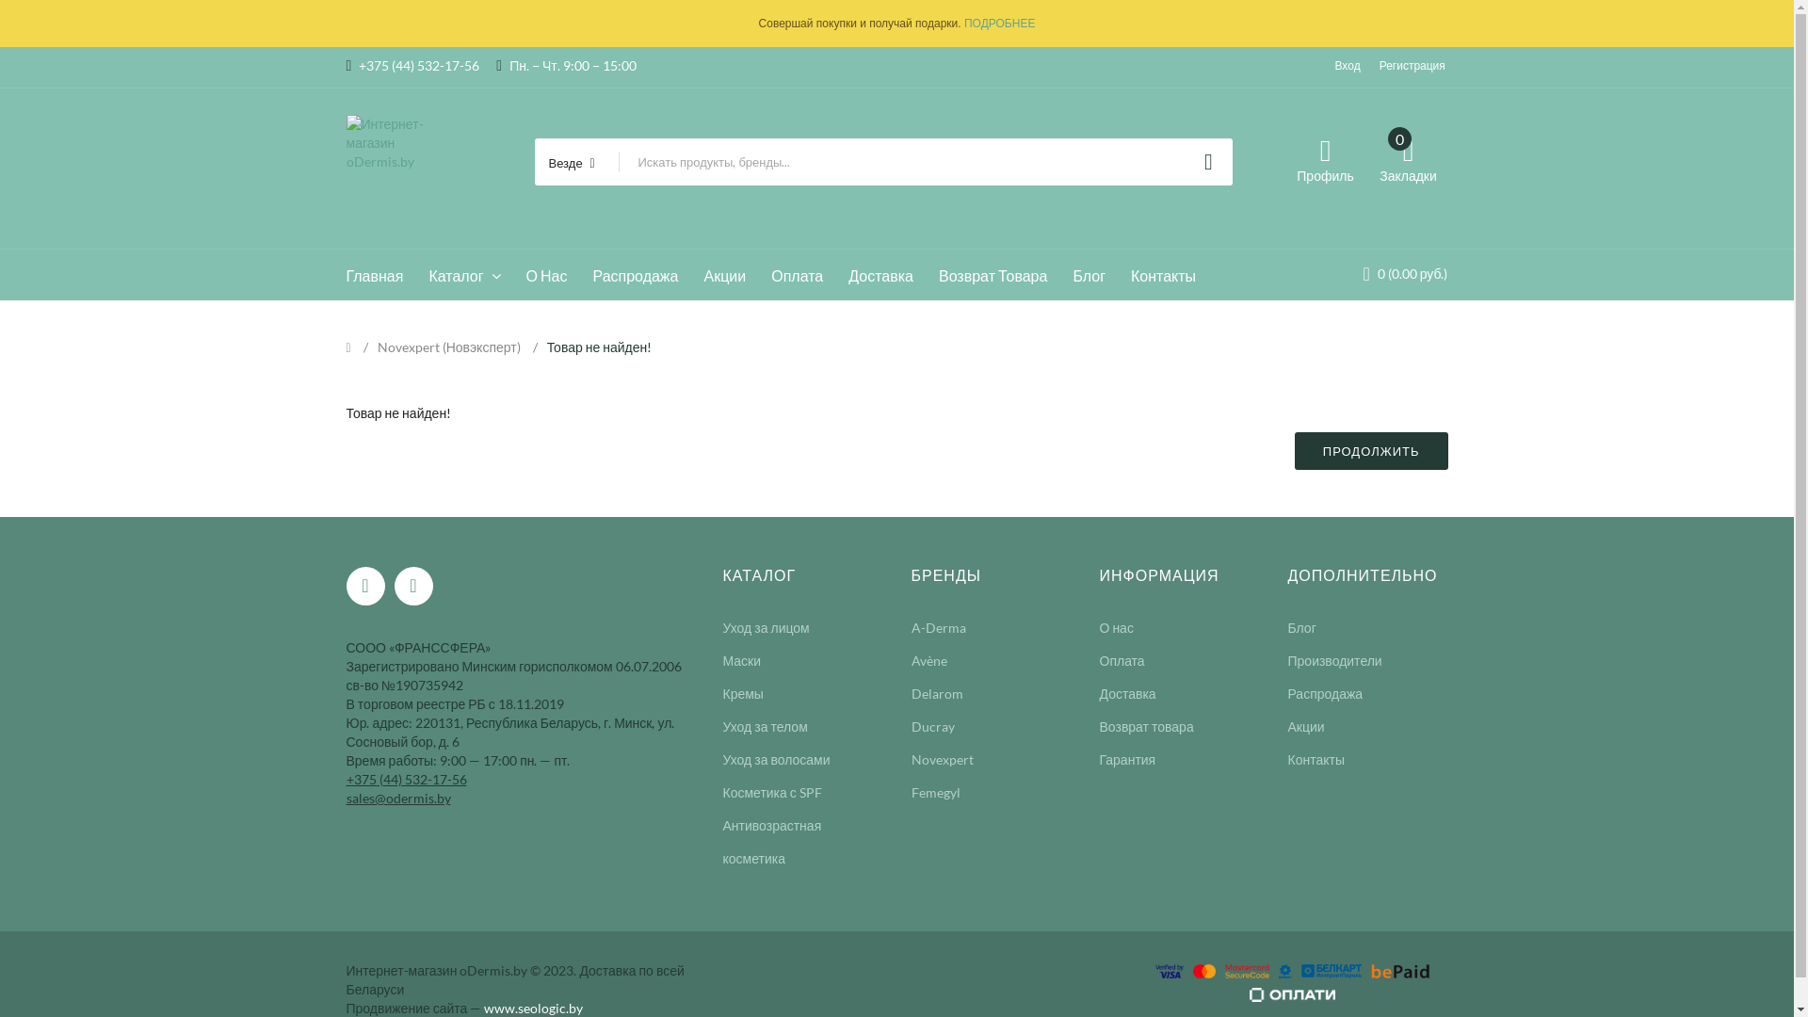  I want to click on 'A-Derma', so click(912, 627).